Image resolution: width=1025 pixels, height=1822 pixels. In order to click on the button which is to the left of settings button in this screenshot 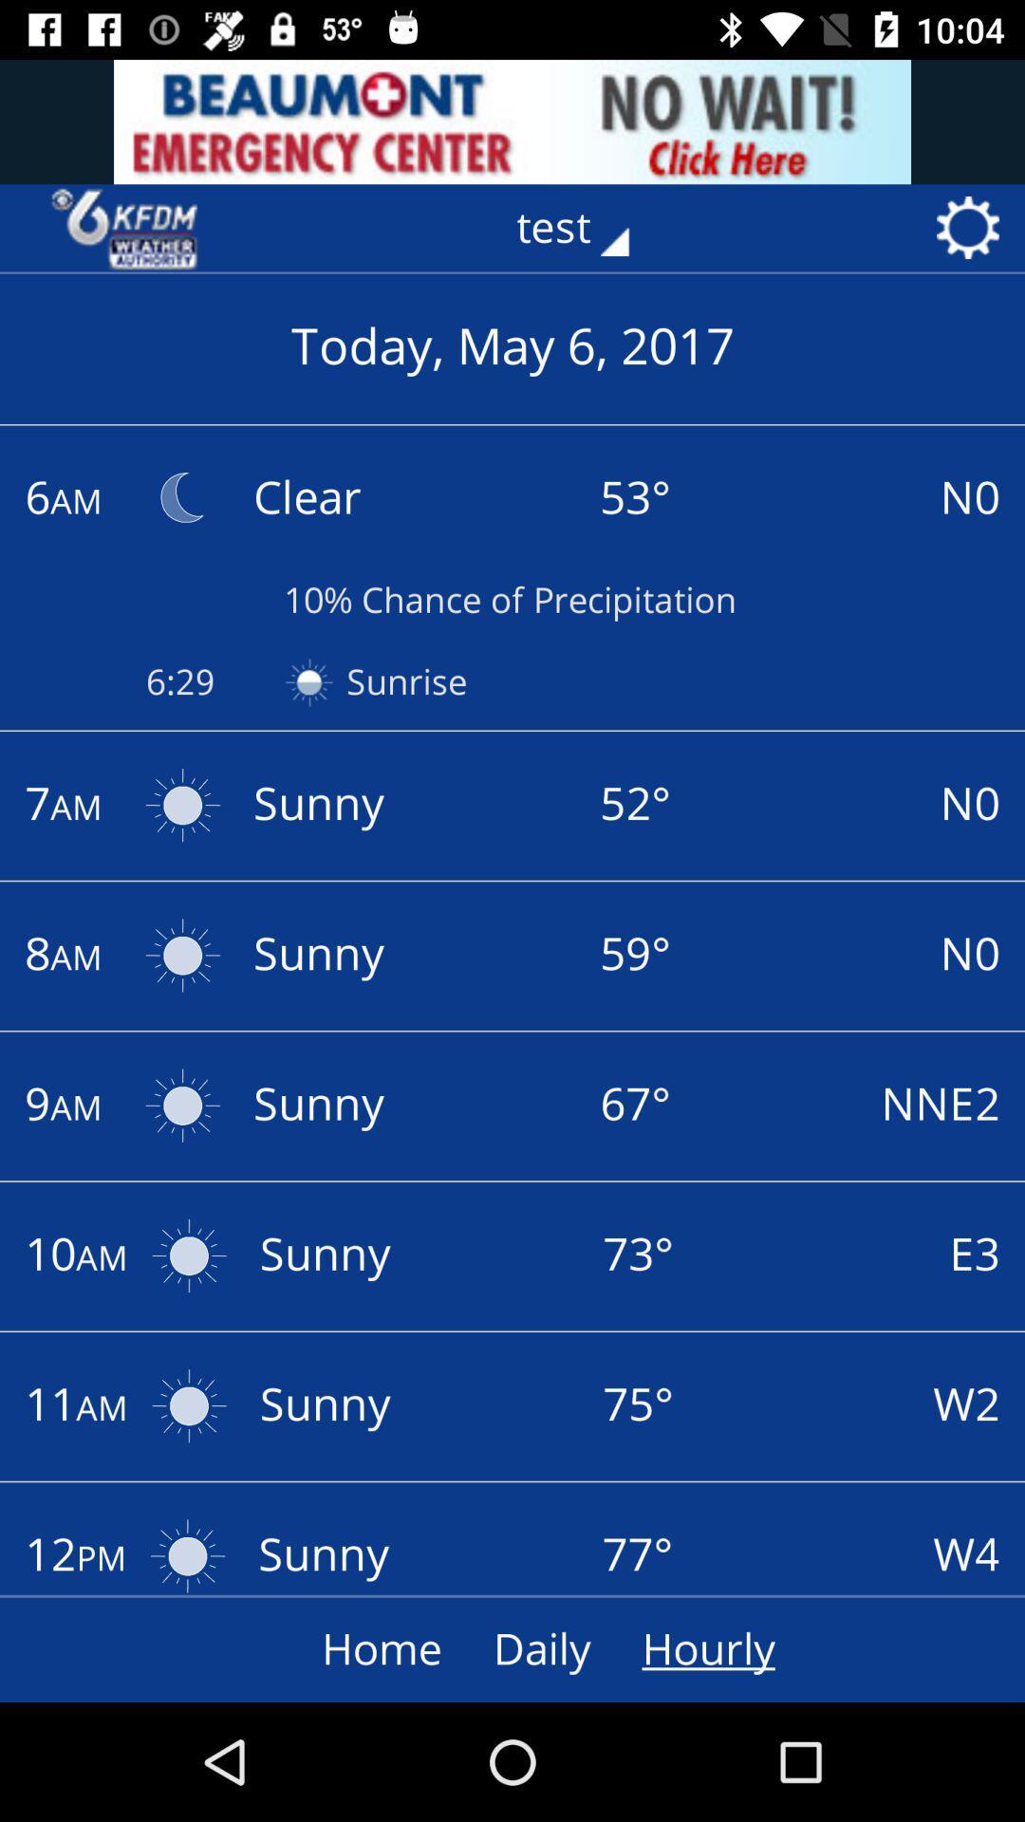, I will do `click(585, 228)`.